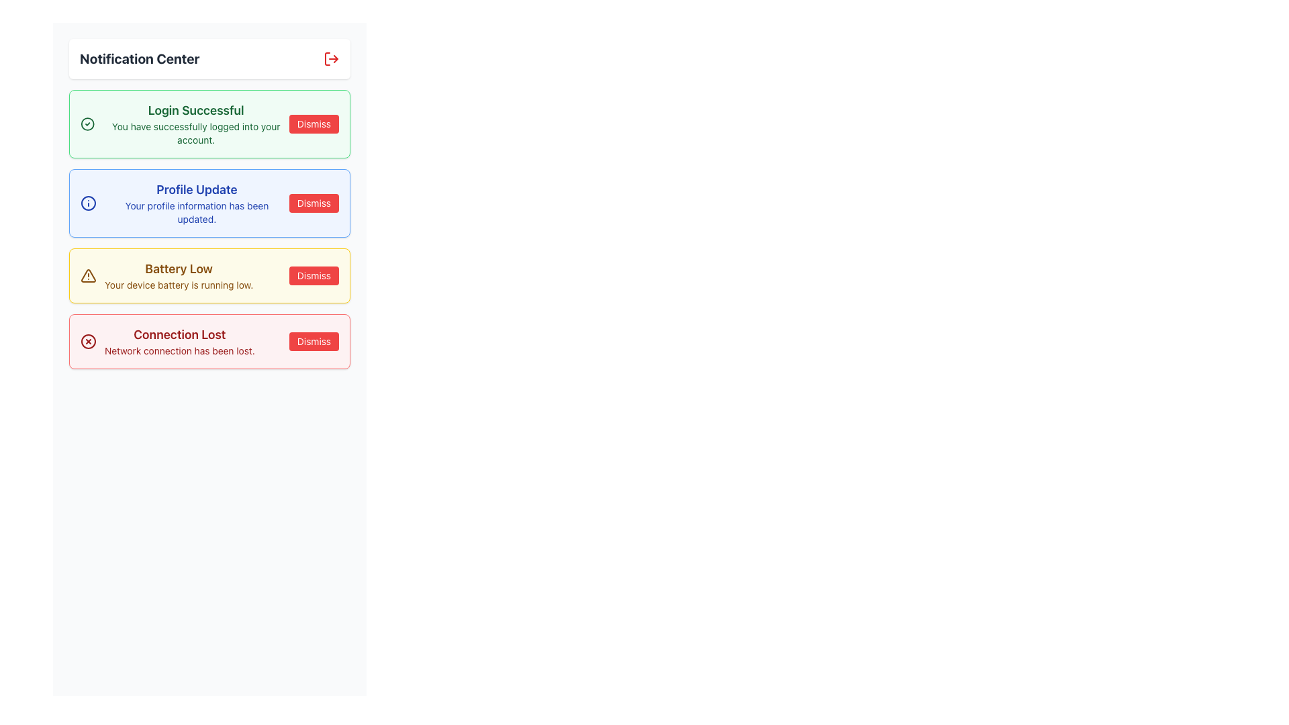 The width and height of the screenshot is (1289, 725). Describe the element at coordinates (88, 275) in the screenshot. I see `the triangular warning icon with a centered exclamation mark, located to the left of the 'Battery Low' notification header` at that location.